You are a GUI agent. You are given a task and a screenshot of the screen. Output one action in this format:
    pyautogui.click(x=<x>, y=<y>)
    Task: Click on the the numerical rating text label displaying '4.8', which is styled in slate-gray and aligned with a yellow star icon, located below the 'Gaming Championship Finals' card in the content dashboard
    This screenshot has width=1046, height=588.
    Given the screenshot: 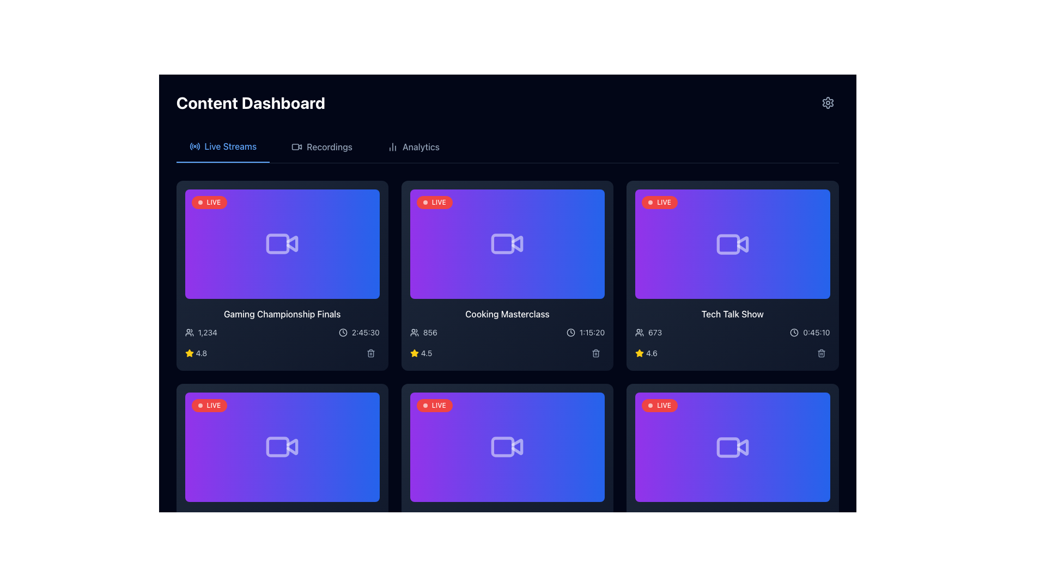 What is the action you would take?
    pyautogui.click(x=201, y=353)
    